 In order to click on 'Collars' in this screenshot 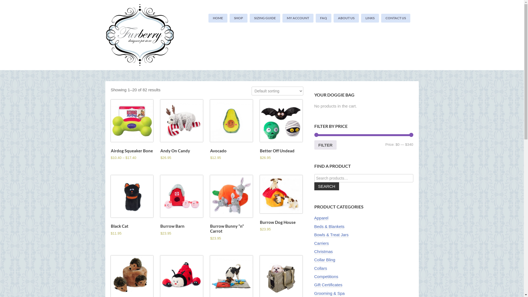, I will do `click(320, 268)`.